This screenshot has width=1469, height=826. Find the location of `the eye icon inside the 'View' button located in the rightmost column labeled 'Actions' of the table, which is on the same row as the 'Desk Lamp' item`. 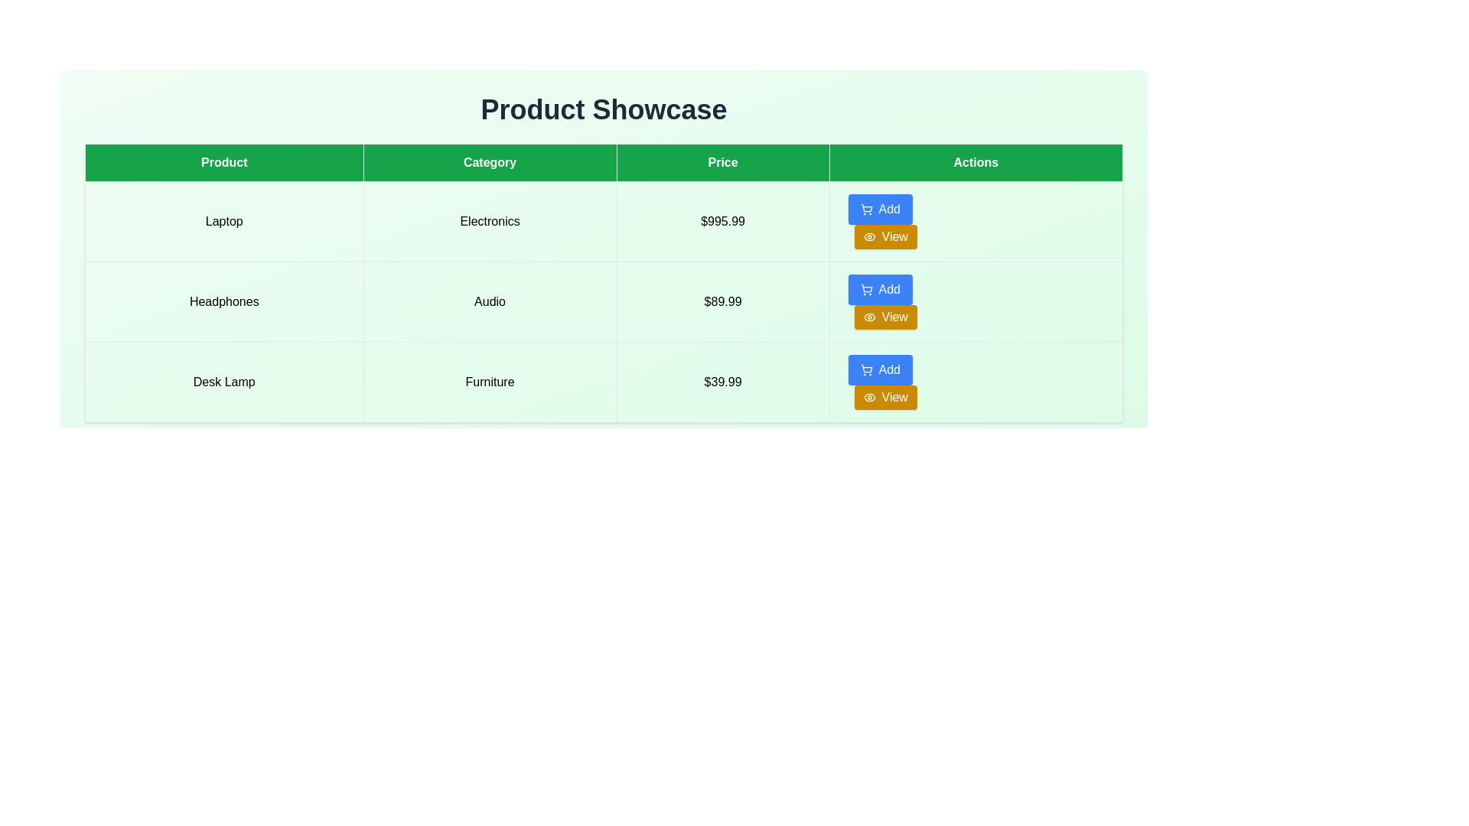

the eye icon inside the 'View' button located in the rightmost column labeled 'Actions' of the table, which is on the same row as the 'Desk Lamp' item is located at coordinates (869, 317).